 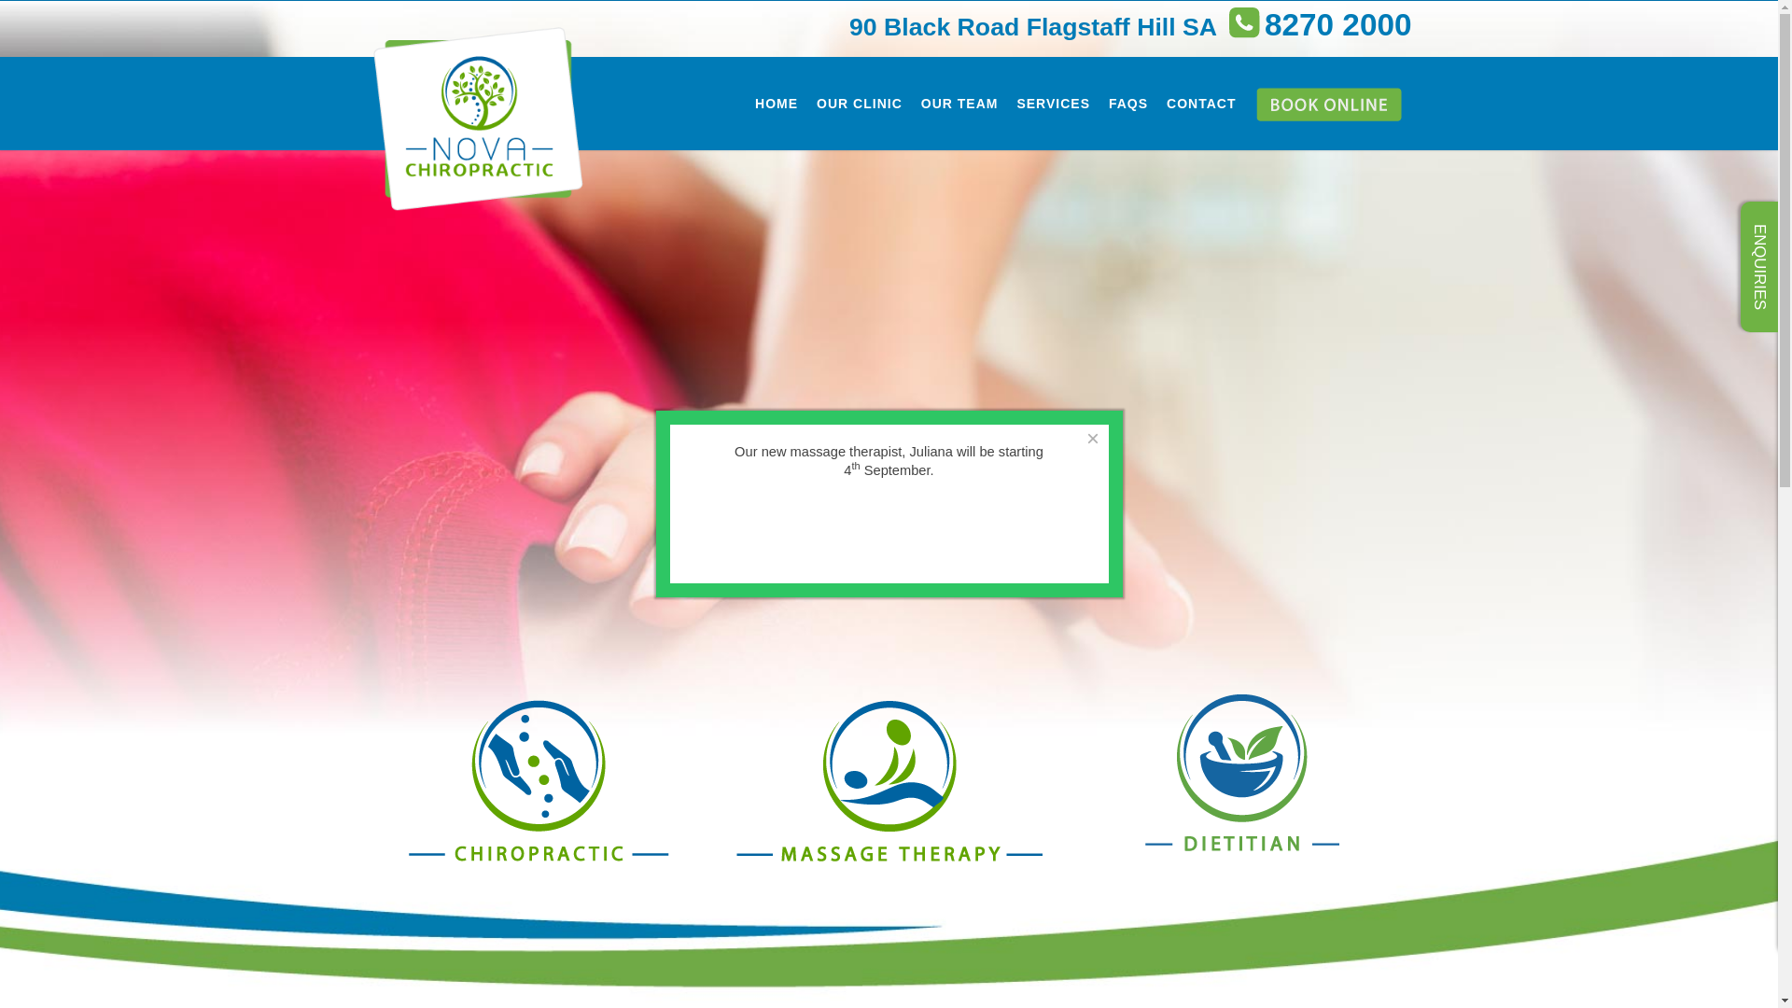 I want to click on 'OUR TEAM', so click(x=959, y=104).